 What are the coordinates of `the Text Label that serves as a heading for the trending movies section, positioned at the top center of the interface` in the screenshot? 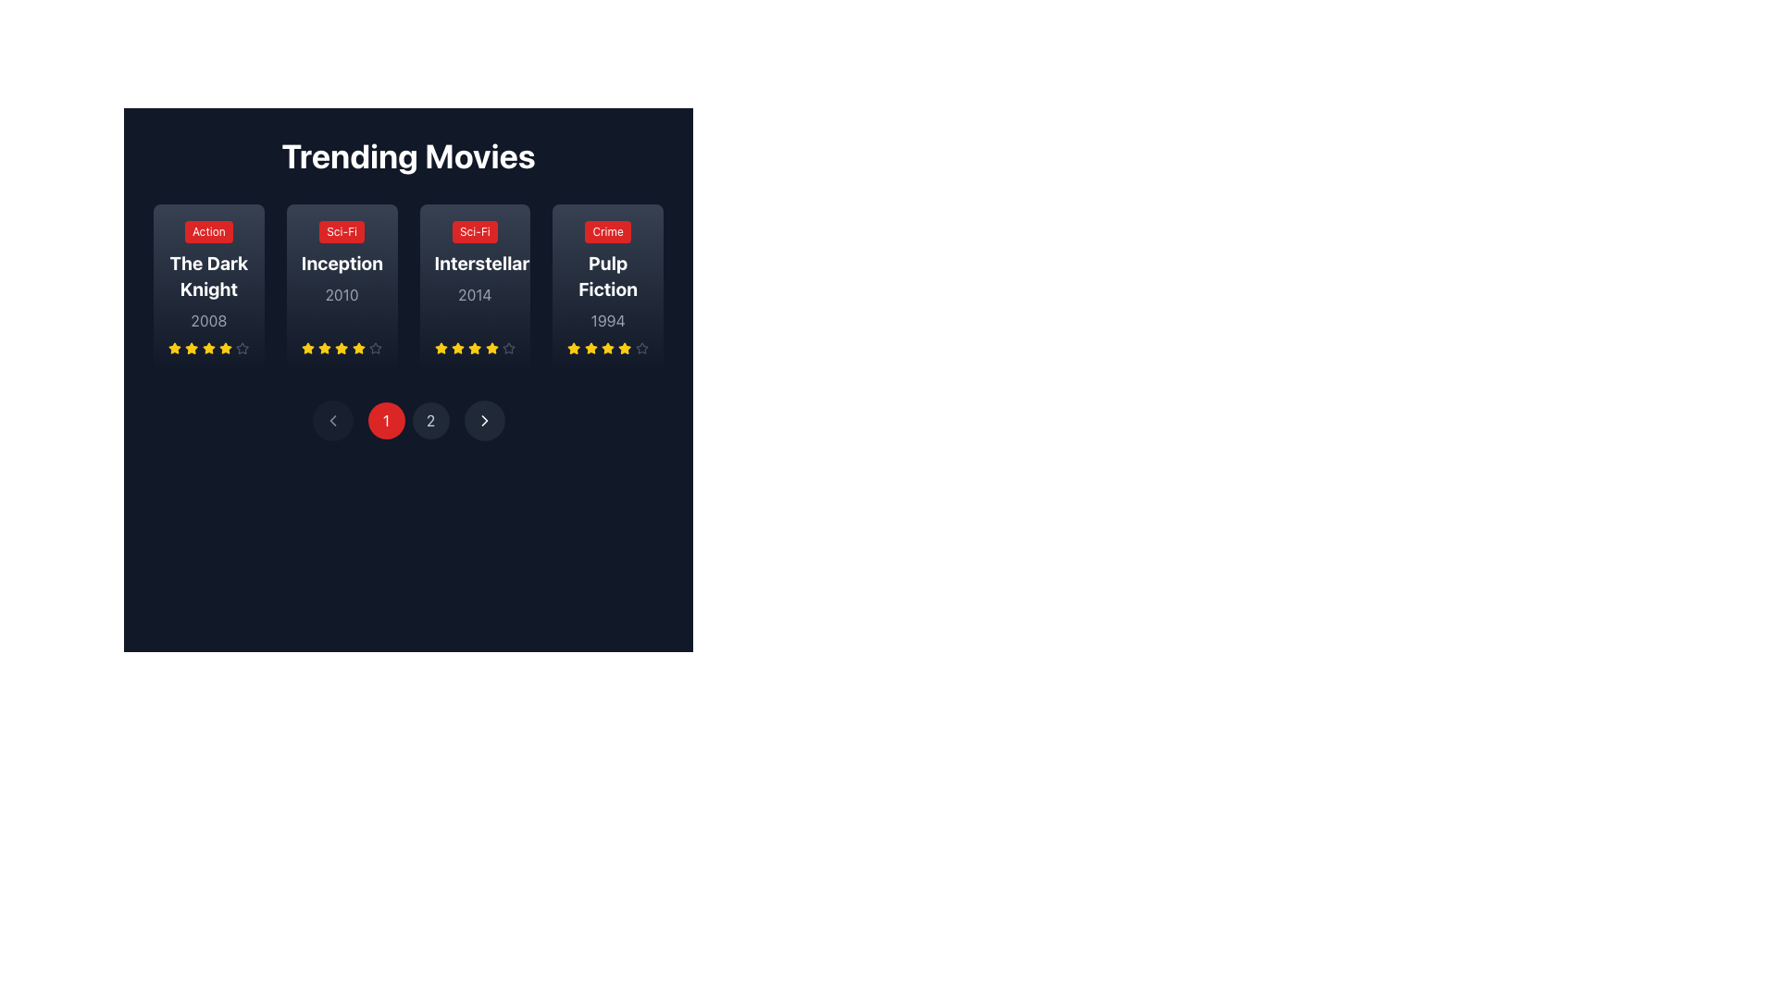 It's located at (407, 155).